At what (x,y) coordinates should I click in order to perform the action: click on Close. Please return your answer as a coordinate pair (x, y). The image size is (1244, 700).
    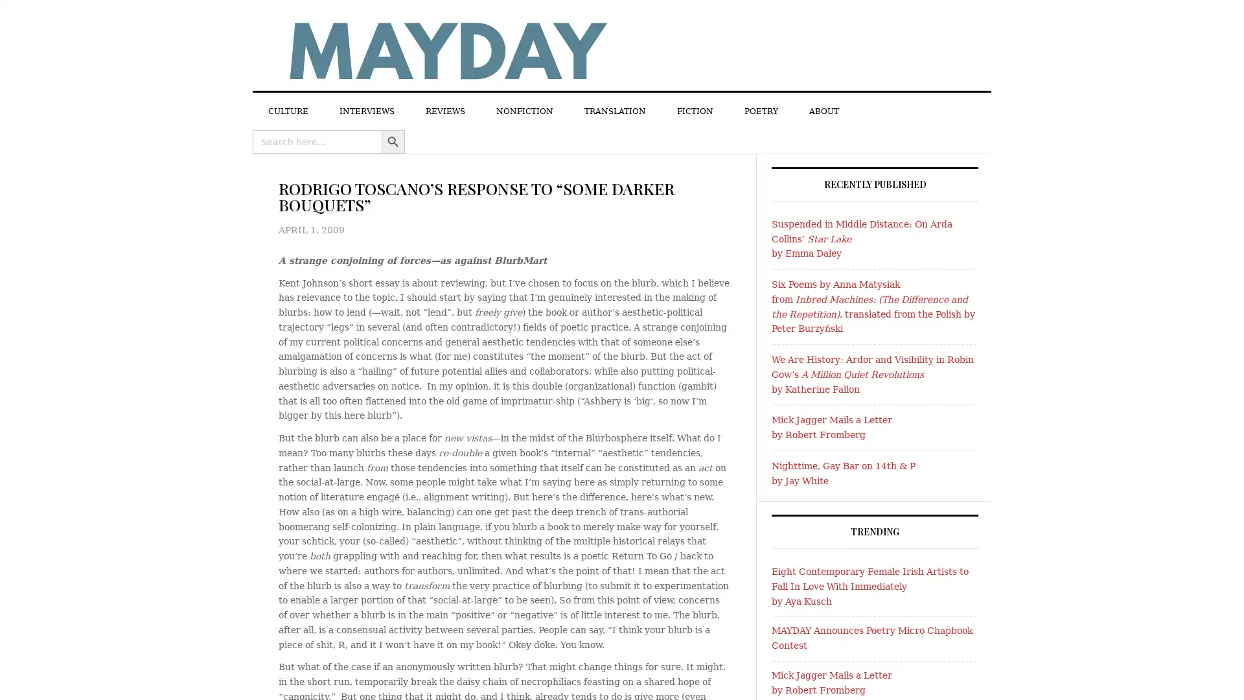
    Looking at the image, I should click on (697, 294).